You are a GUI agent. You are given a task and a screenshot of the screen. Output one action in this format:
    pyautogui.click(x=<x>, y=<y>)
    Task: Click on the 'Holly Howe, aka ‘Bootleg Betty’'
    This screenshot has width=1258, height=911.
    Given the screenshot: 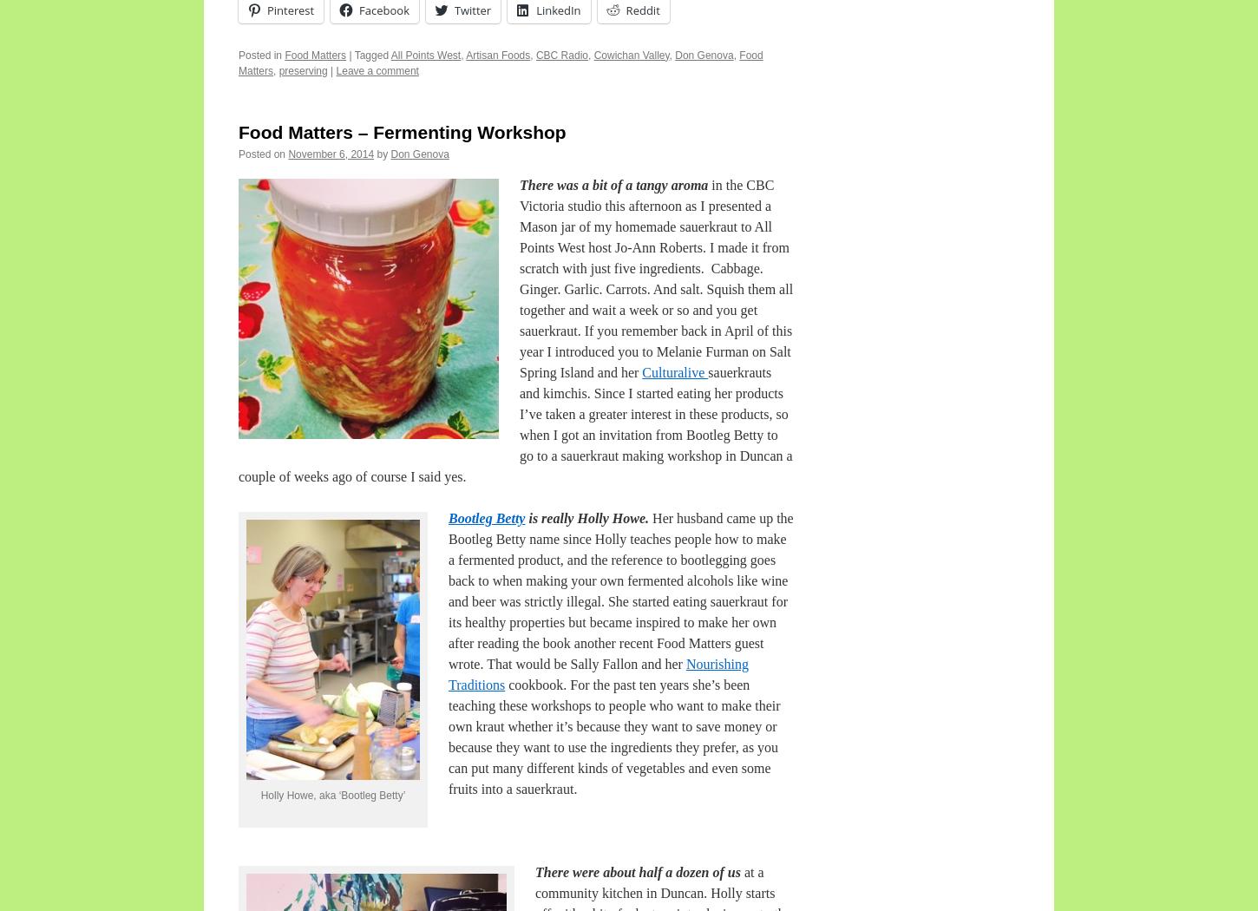 What is the action you would take?
    pyautogui.click(x=331, y=795)
    